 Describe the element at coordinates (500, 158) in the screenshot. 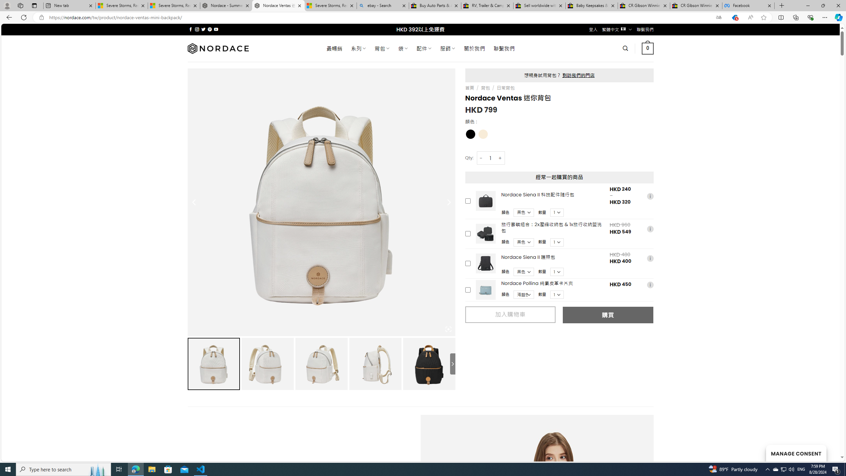

I see `'+'` at that location.